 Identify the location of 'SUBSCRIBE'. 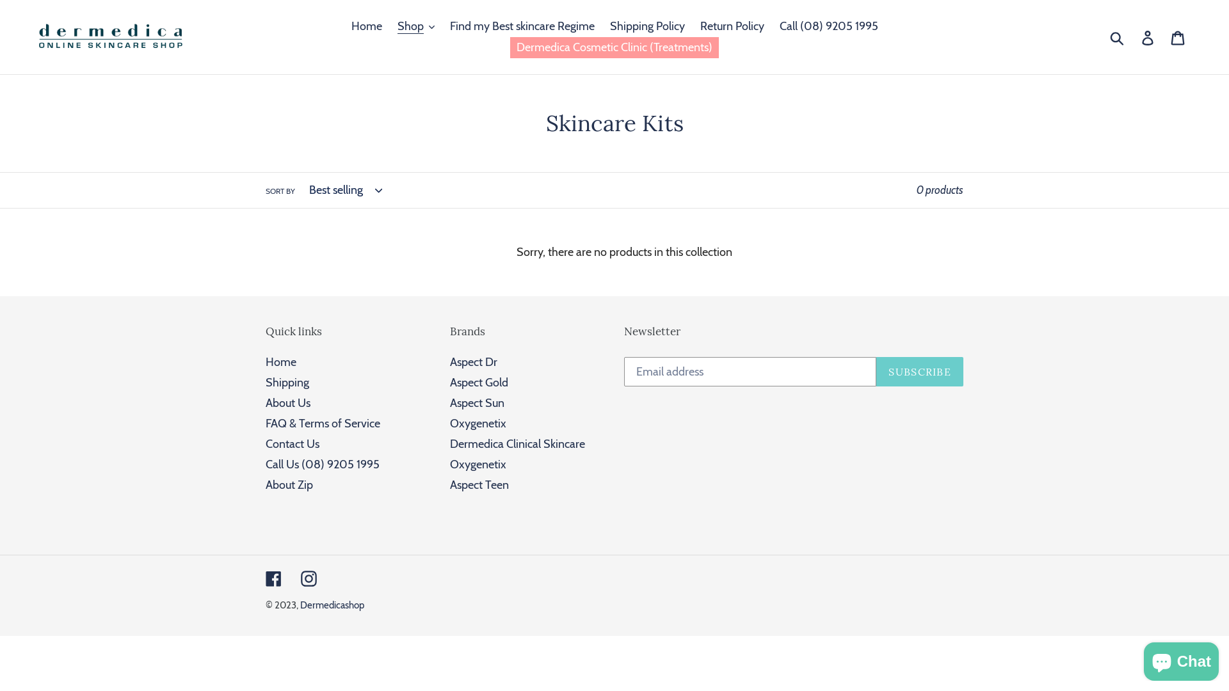
(919, 372).